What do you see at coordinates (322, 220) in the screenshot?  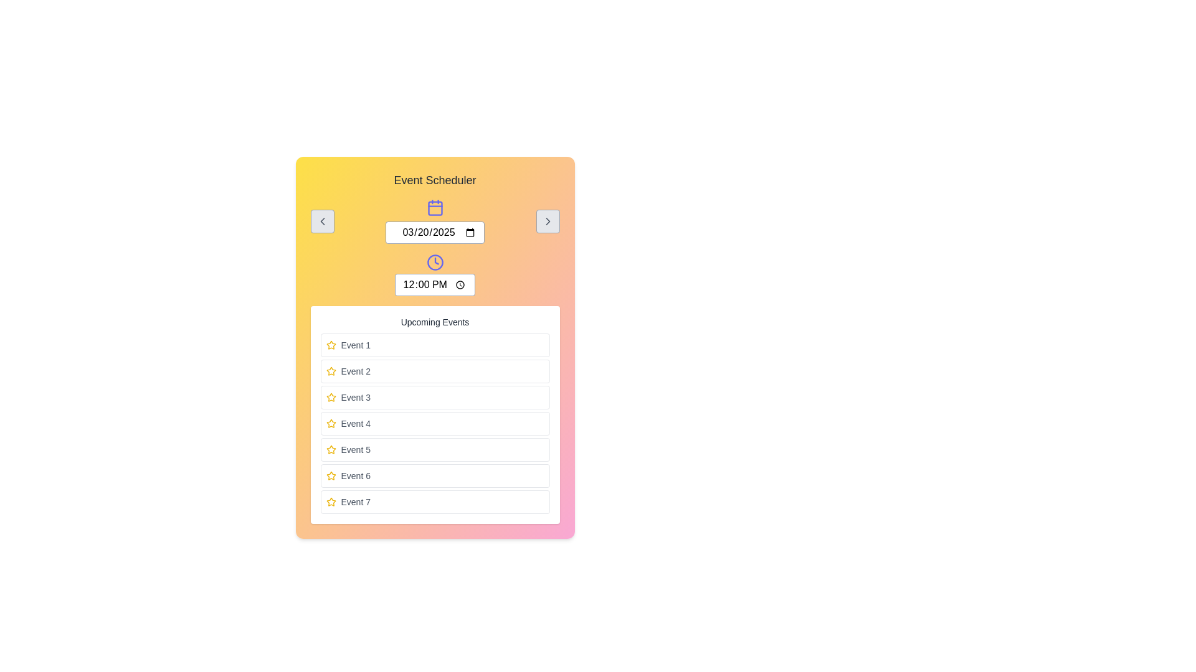 I see `the left arrow icon within the navigation button located in the top left area of the Event Scheduler section` at bounding box center [322, 220].